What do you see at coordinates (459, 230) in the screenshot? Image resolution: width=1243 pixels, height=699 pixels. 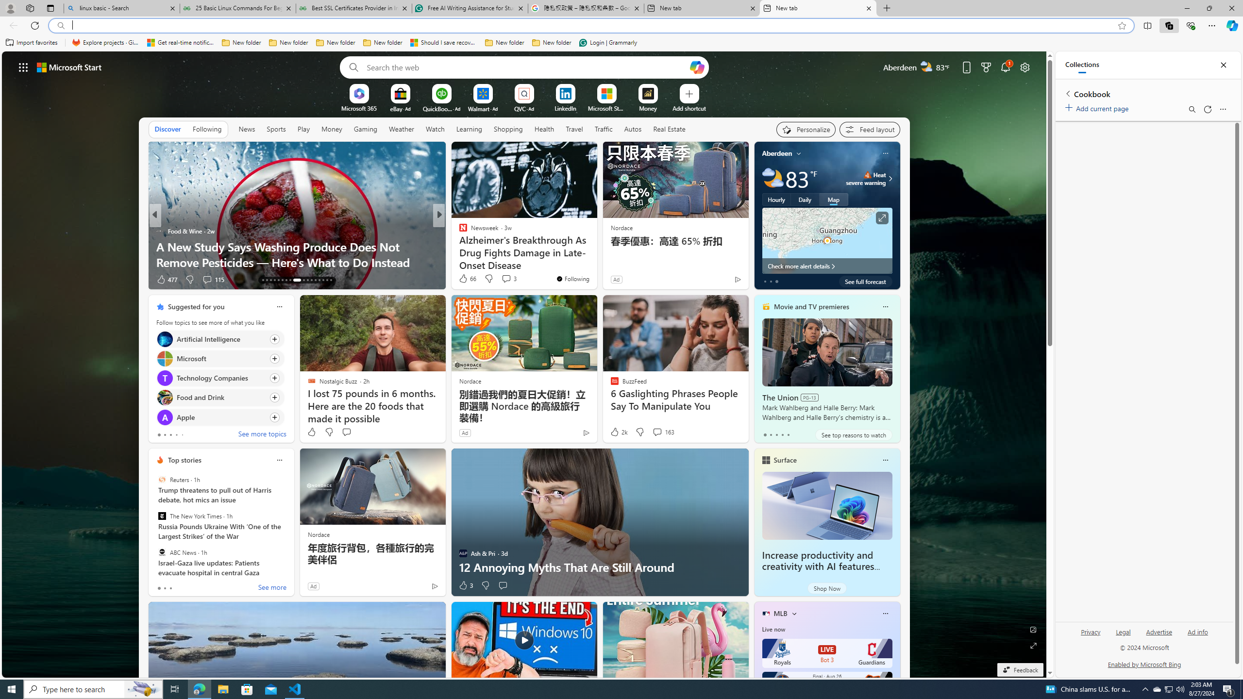 I see `'Body Network'` at bounding box center [459, 230].